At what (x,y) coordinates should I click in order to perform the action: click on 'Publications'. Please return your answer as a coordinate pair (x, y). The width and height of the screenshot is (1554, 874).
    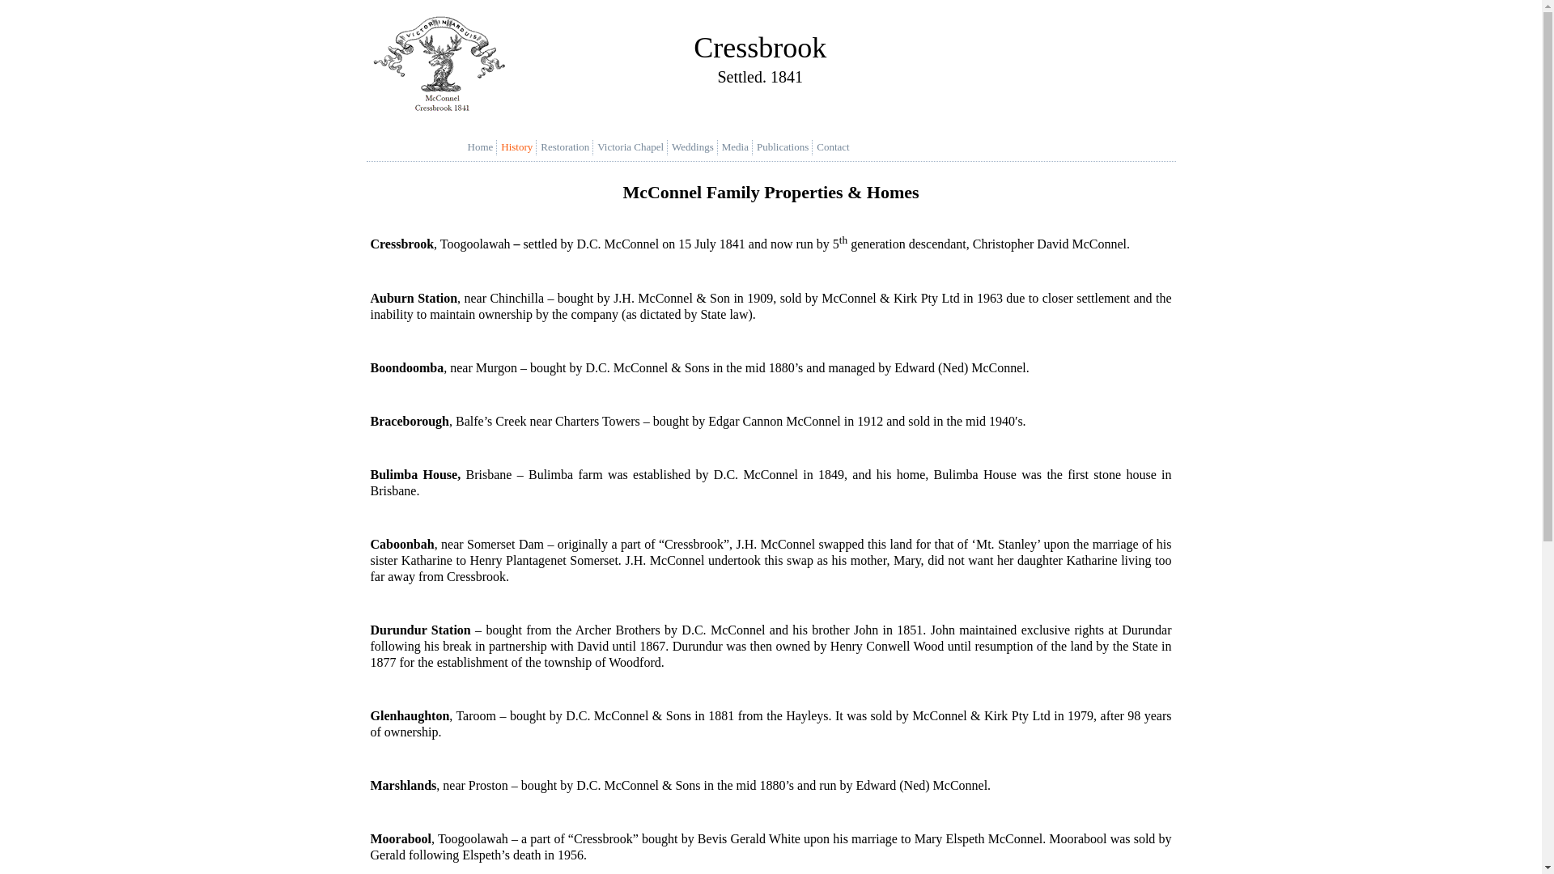
    Looking at the image, I should click on (786, 146).